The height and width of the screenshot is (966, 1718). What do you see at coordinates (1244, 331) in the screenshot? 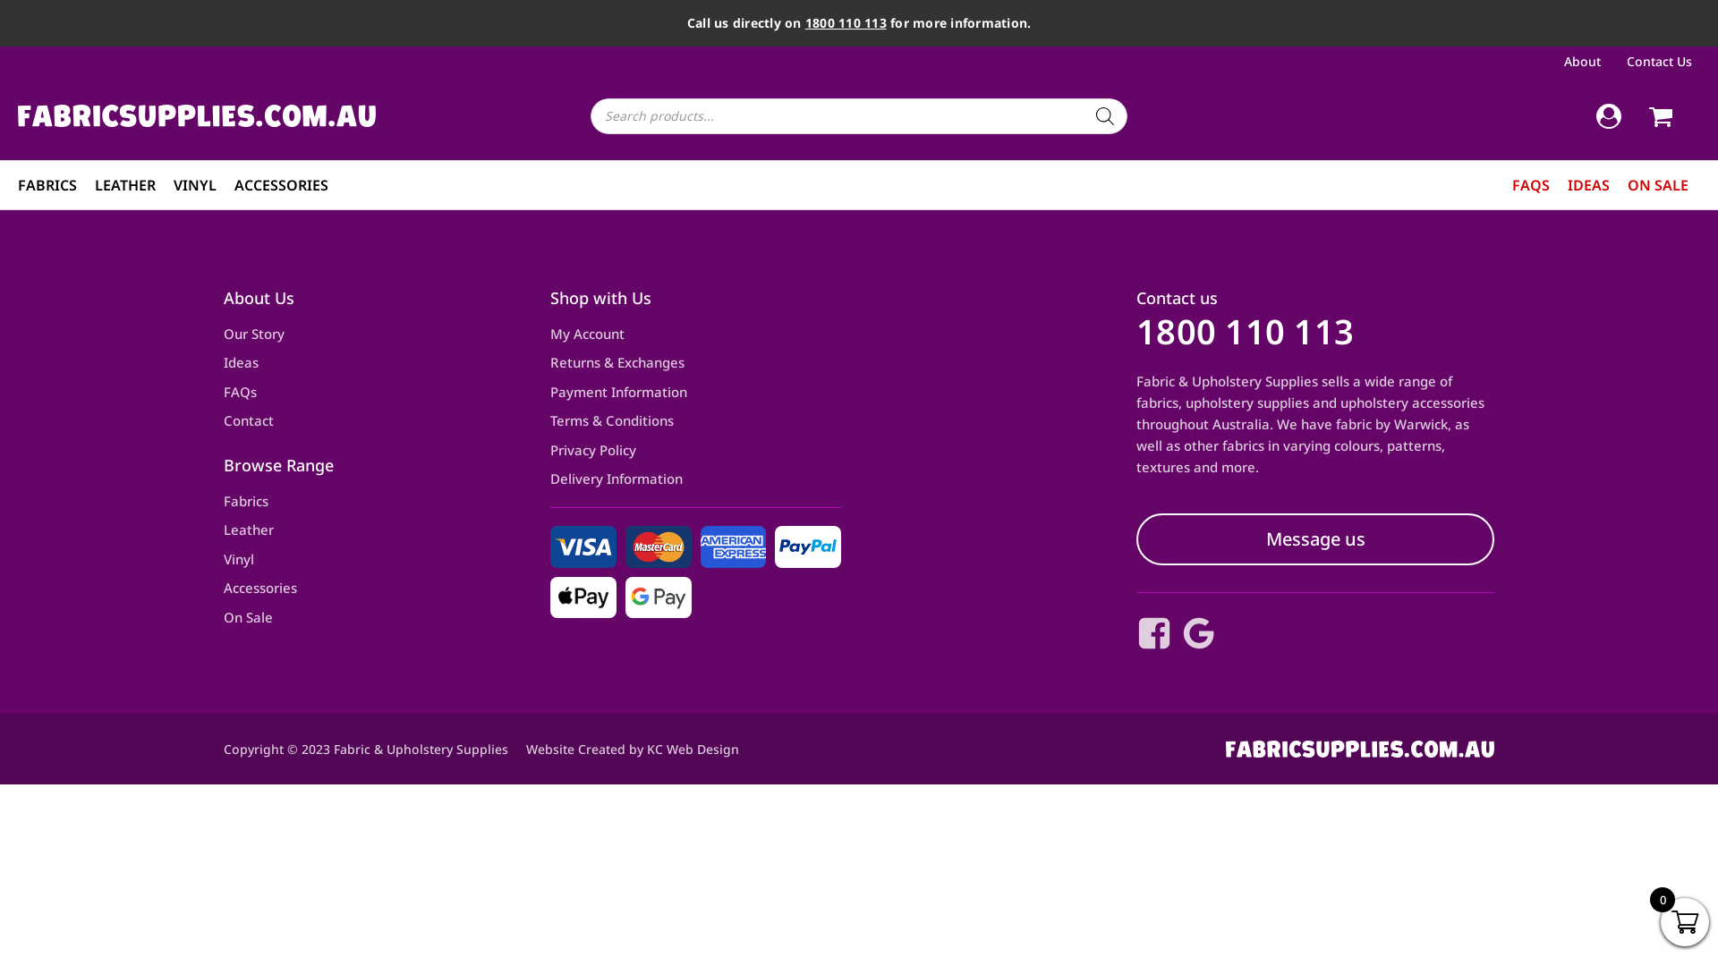
I see `'1800 110 113'` at bounding box center [1244, 331].